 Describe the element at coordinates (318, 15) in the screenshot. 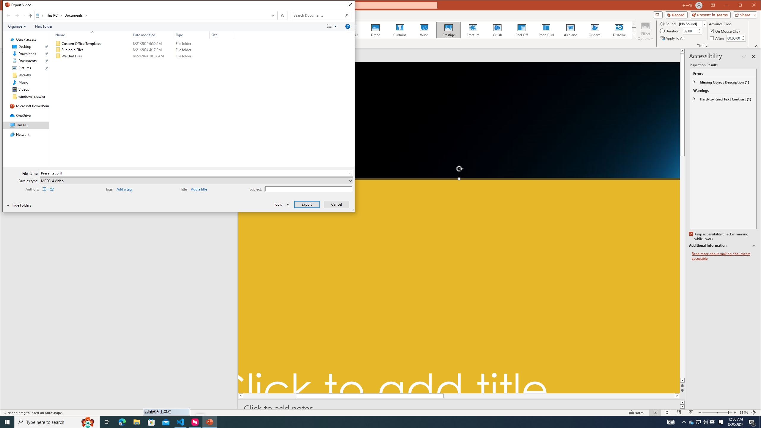

I see `'Search Box'` at that location.